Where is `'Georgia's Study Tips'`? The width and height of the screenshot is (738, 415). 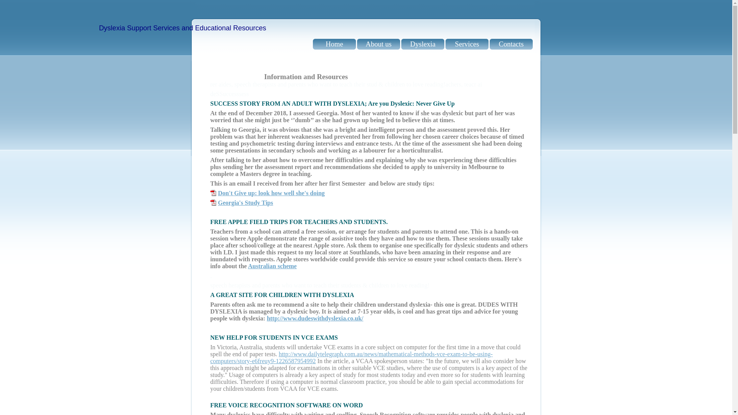
'Georgia's Study Tips' is located at coordinates (245, 202).